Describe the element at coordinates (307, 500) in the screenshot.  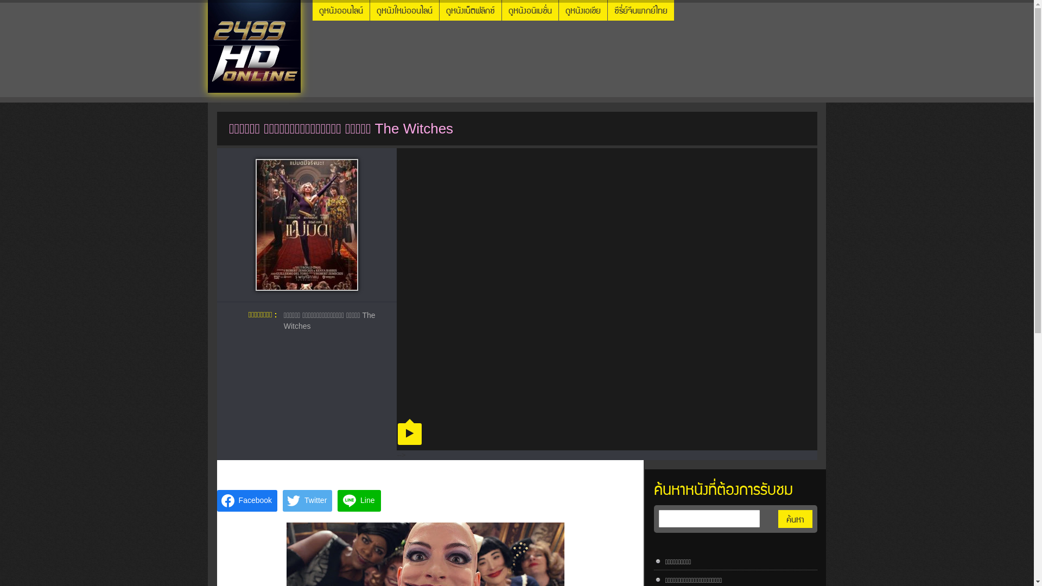
I see `'Twitter'` at that location.